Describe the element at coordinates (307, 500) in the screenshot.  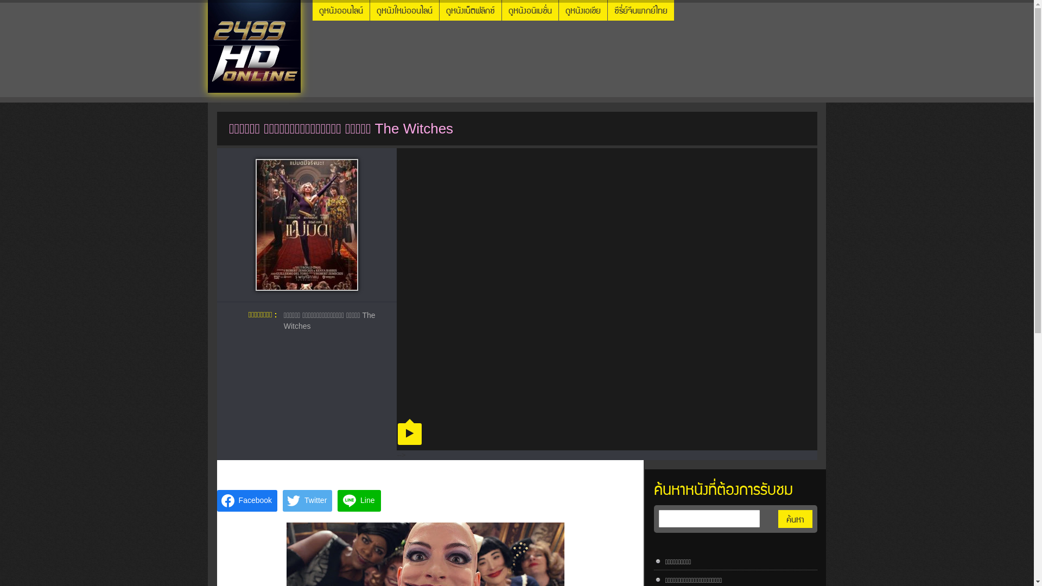
I see `'Twitter'` at that location.